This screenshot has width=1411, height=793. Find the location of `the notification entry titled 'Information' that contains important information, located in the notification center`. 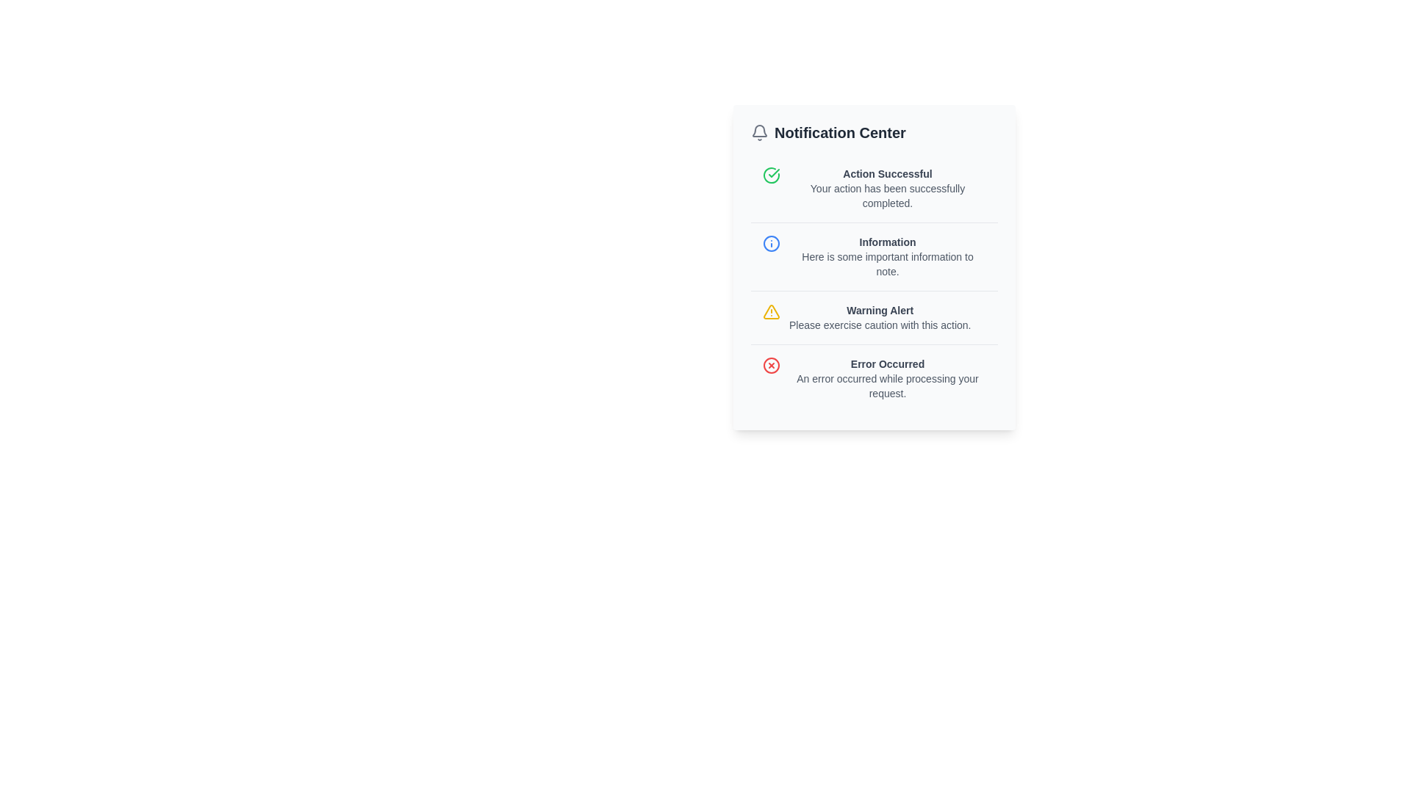

the notification entry titled 'Information' that contains important information, located in the notification center is located at coordinates (875, 283).